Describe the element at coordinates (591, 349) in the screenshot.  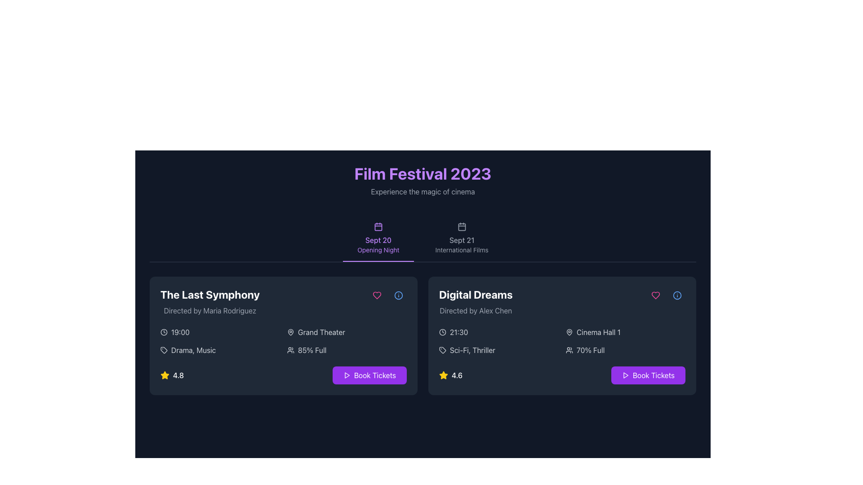
I see `the Text label indicating the occupancy level of the venue, located to the right of the user icon in the 'Digital Dreams' card` at that location.